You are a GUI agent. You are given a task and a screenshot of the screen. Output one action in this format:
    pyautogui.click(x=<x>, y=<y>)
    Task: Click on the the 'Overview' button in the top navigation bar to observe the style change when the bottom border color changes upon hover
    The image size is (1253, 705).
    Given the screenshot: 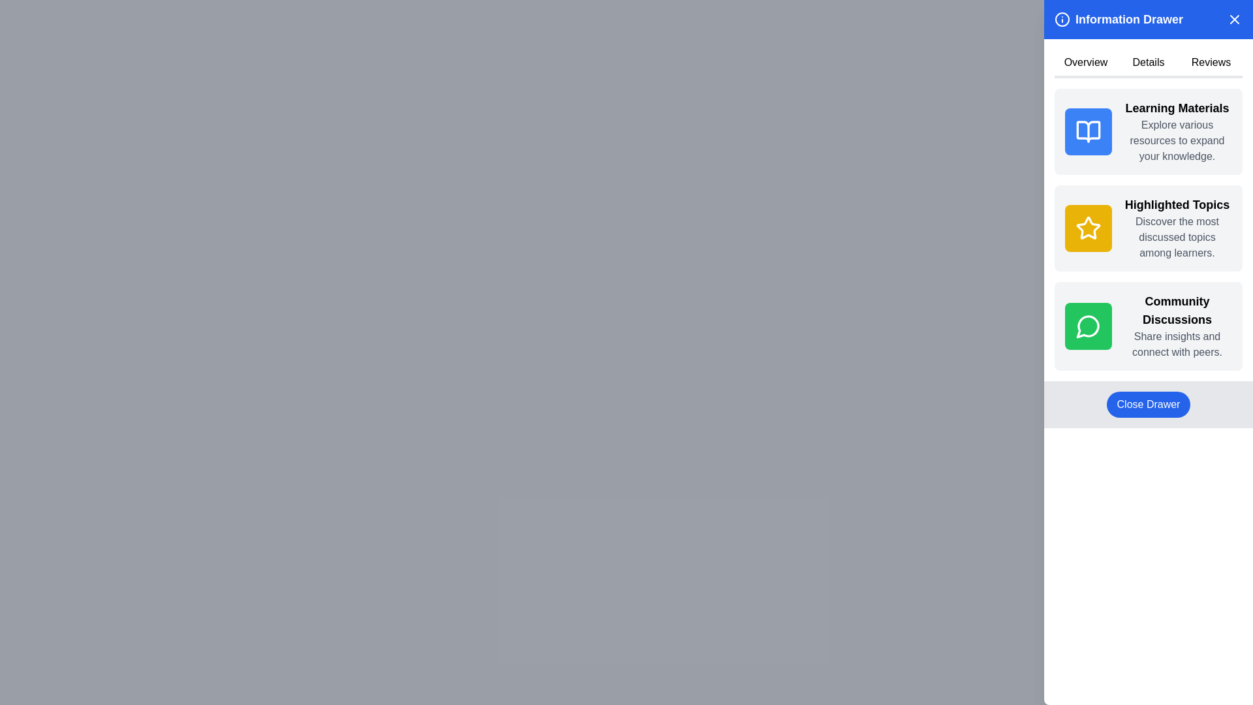 What is the action you would take?
    pyautogui.click(x=1086, y=63)
    